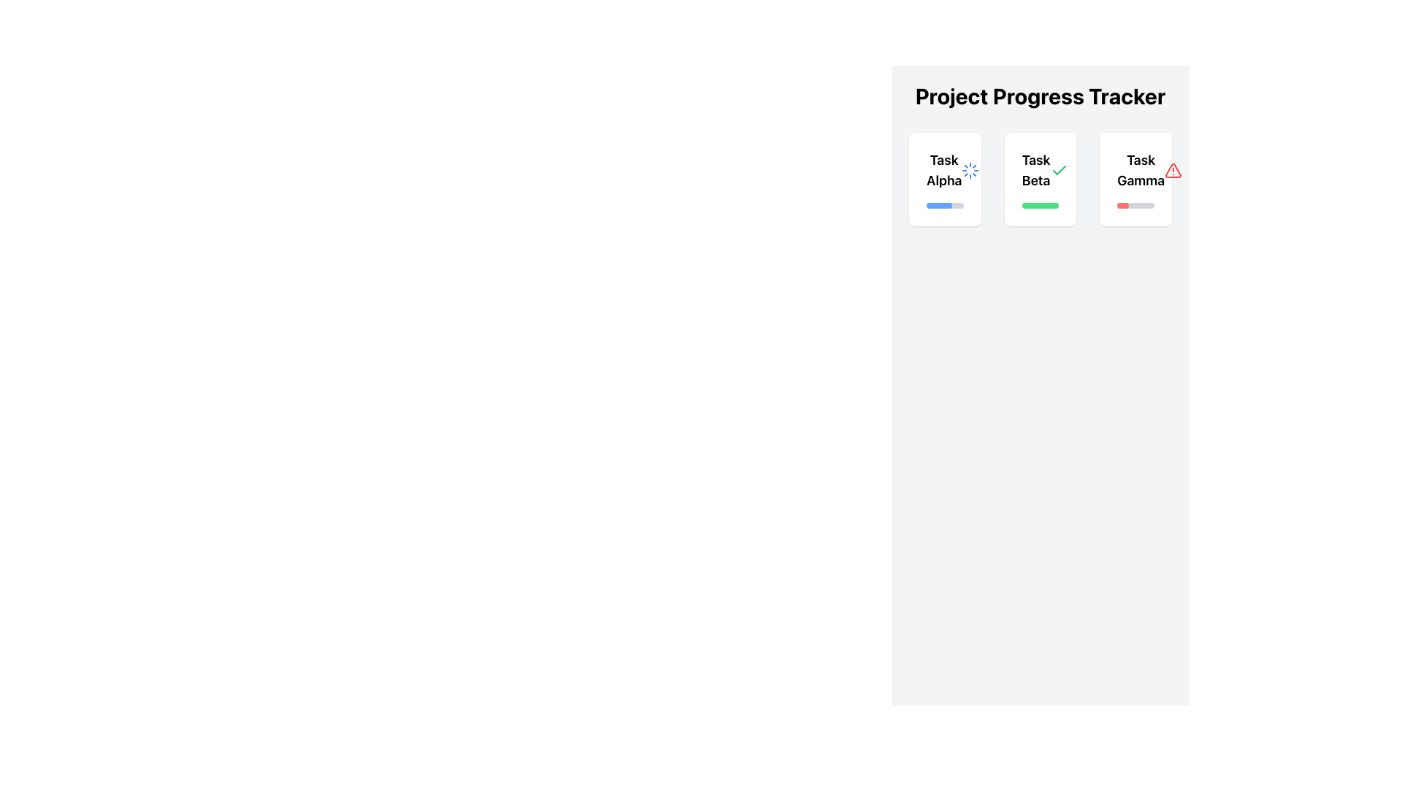  What do you see at coordinates (945, 170) in the screenshot?
I see `text 'Task Alpha' from the text label located in the leftmost card under the heading 'Project Progress Tracker'` at bounding box center [945, 170].